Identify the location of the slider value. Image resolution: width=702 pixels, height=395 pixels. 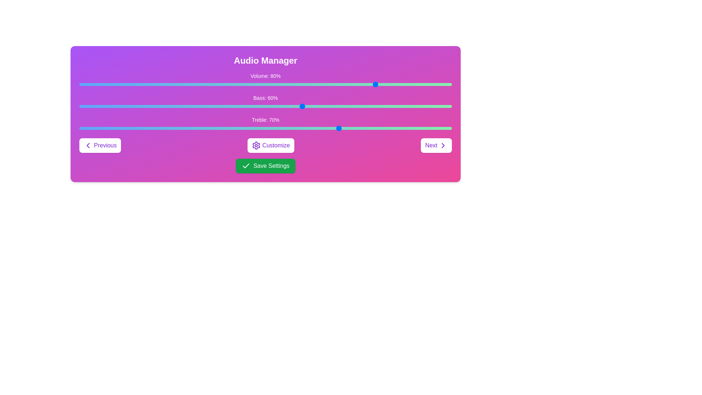
(83, 84).